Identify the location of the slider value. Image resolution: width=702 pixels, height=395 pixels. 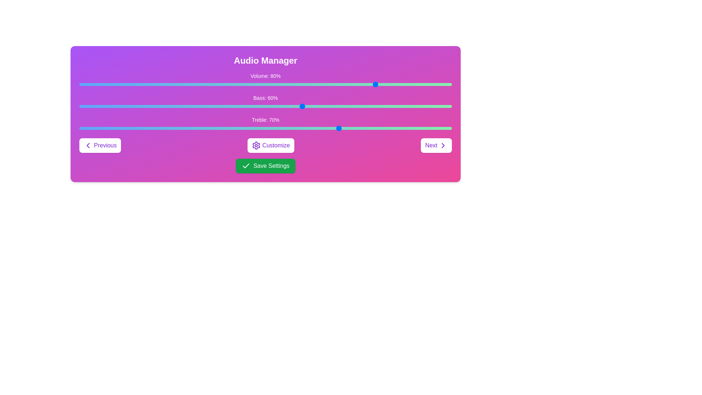
(83, 84).